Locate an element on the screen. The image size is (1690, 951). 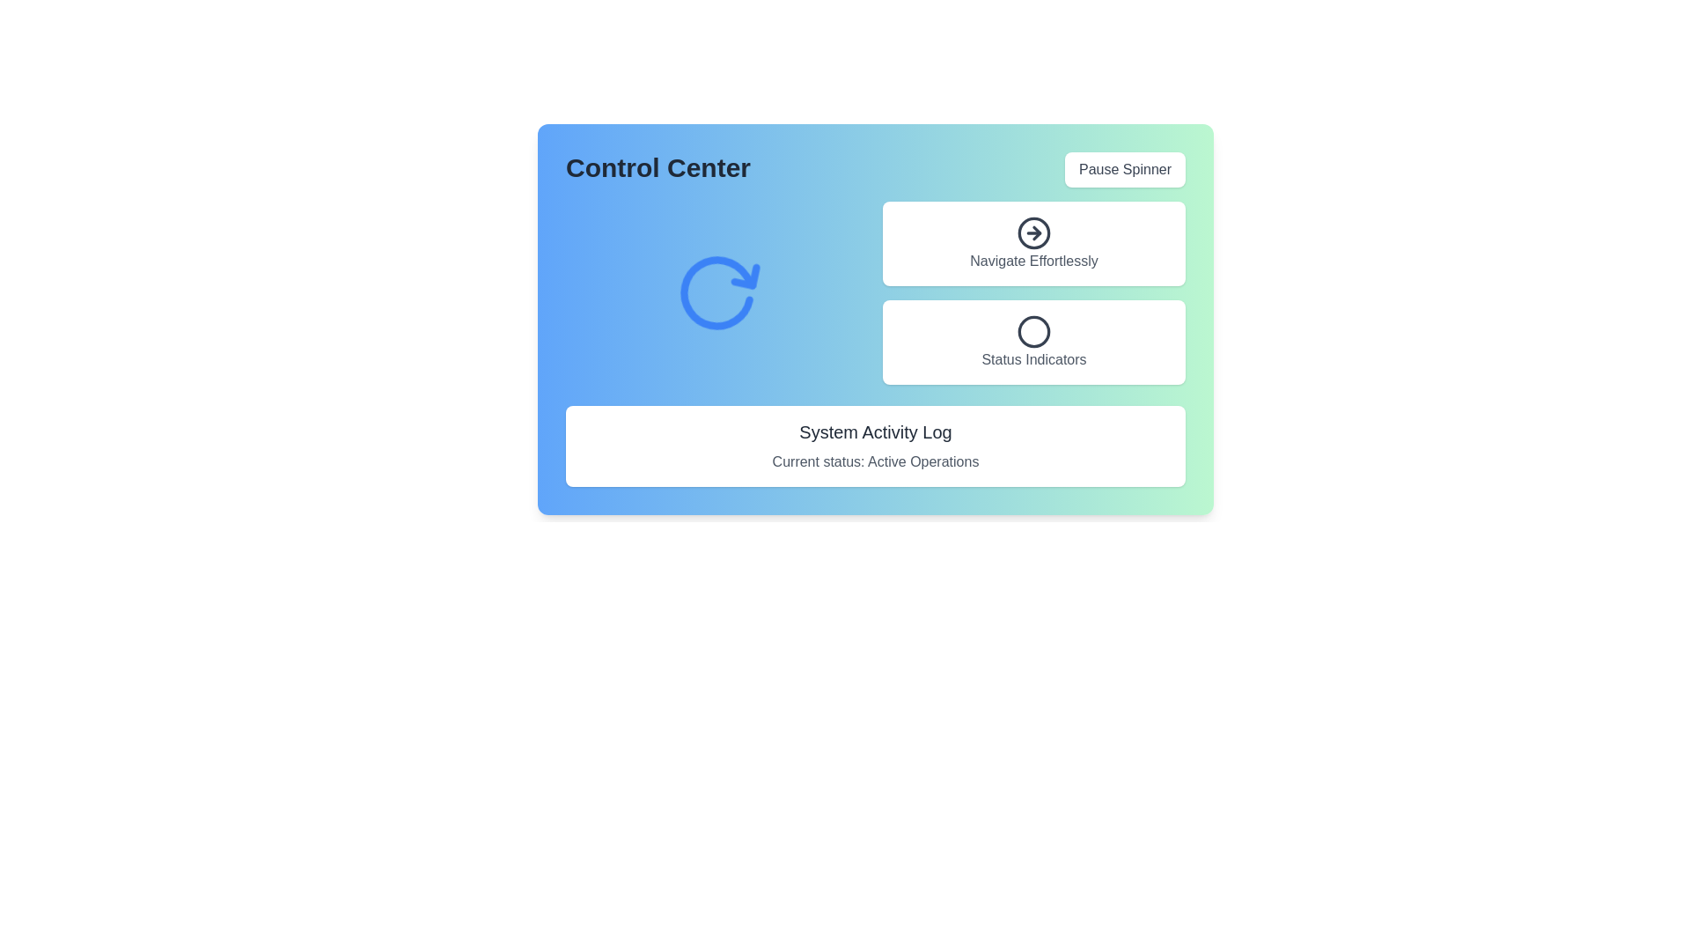
the Informational section with the text 'Navigate Effortlessly' and its accompanying icon, located in the right-center part of the interface is located at coordinates (1034, 244).